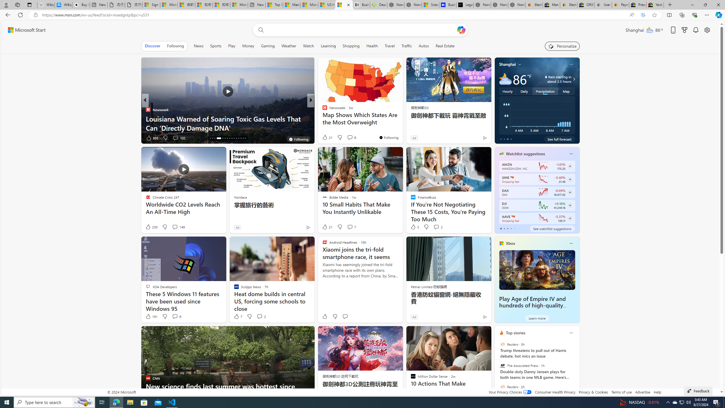 The image size is (725, 408). Describe the element at coordinates (573, 79) in the screenshot. I see `'Class: weather-arrow-glyph'` at that location.